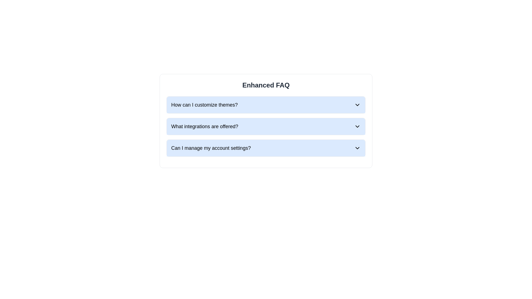 This screenshot has width=532, height=299. Describe the element at coordinates (204, 126) in the screenshot. I see `the title text for the second item in the FAQ section that indicates the topic of integrations offered` at that location.